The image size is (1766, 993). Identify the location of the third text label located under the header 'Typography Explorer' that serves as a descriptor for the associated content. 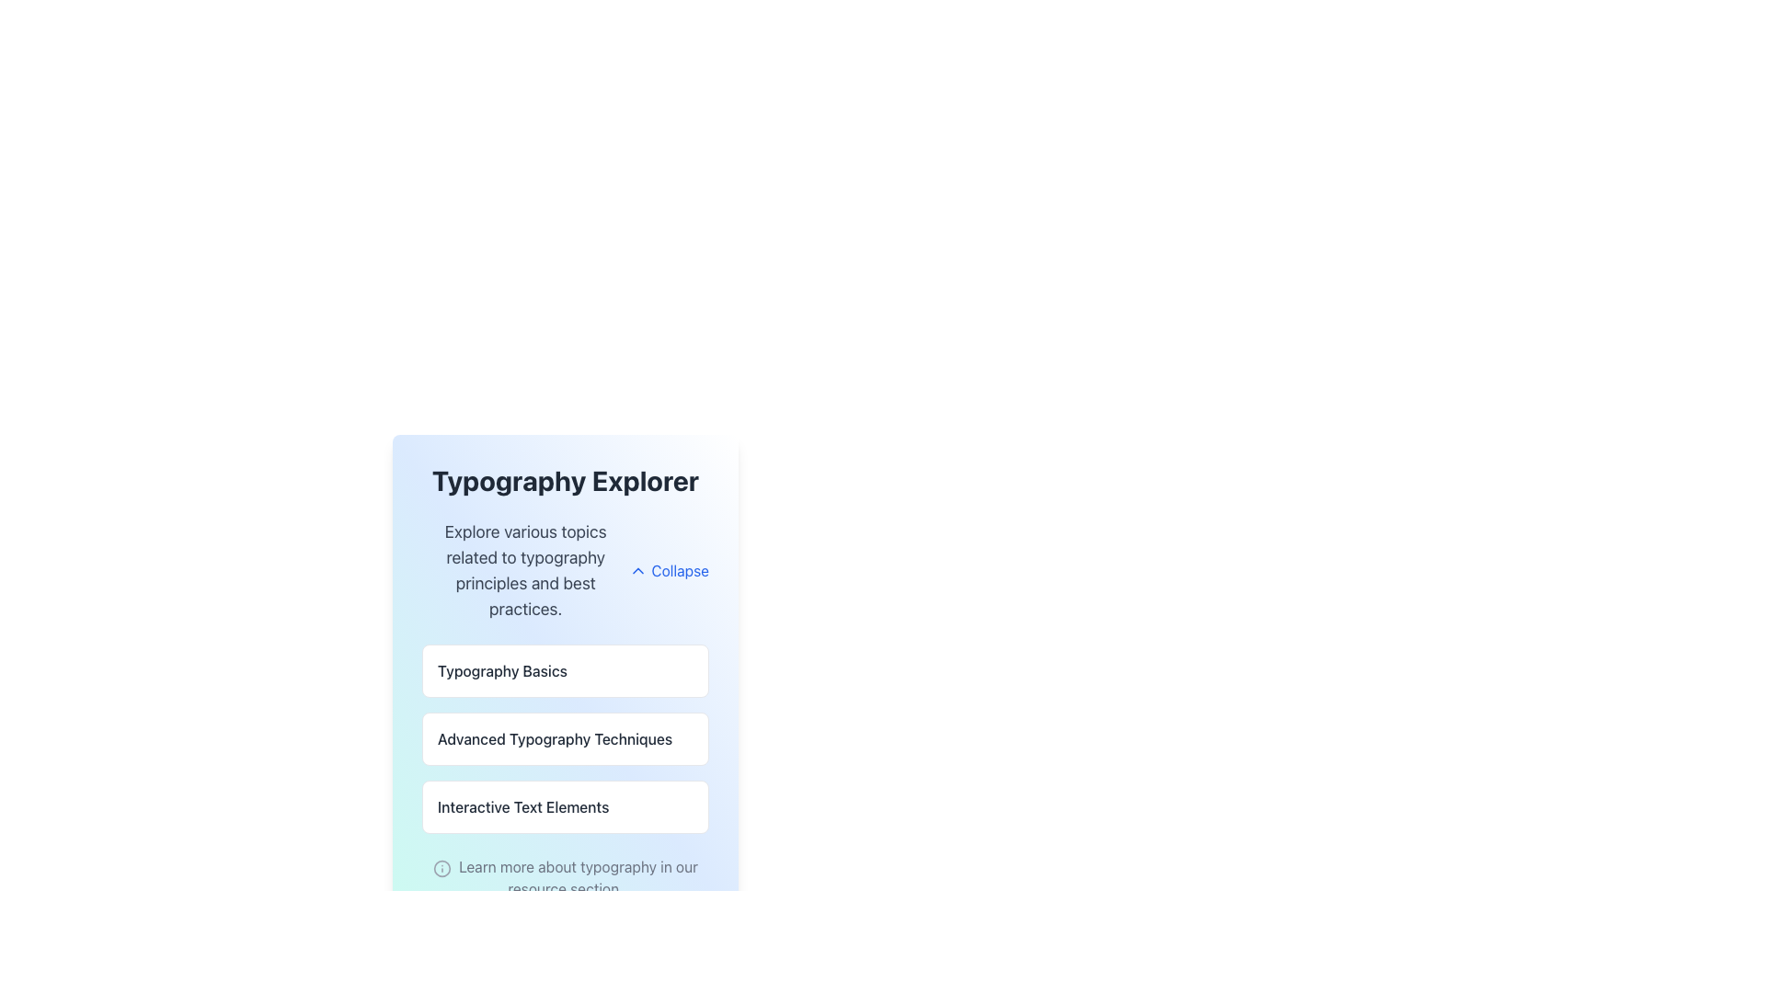
(522, 806).